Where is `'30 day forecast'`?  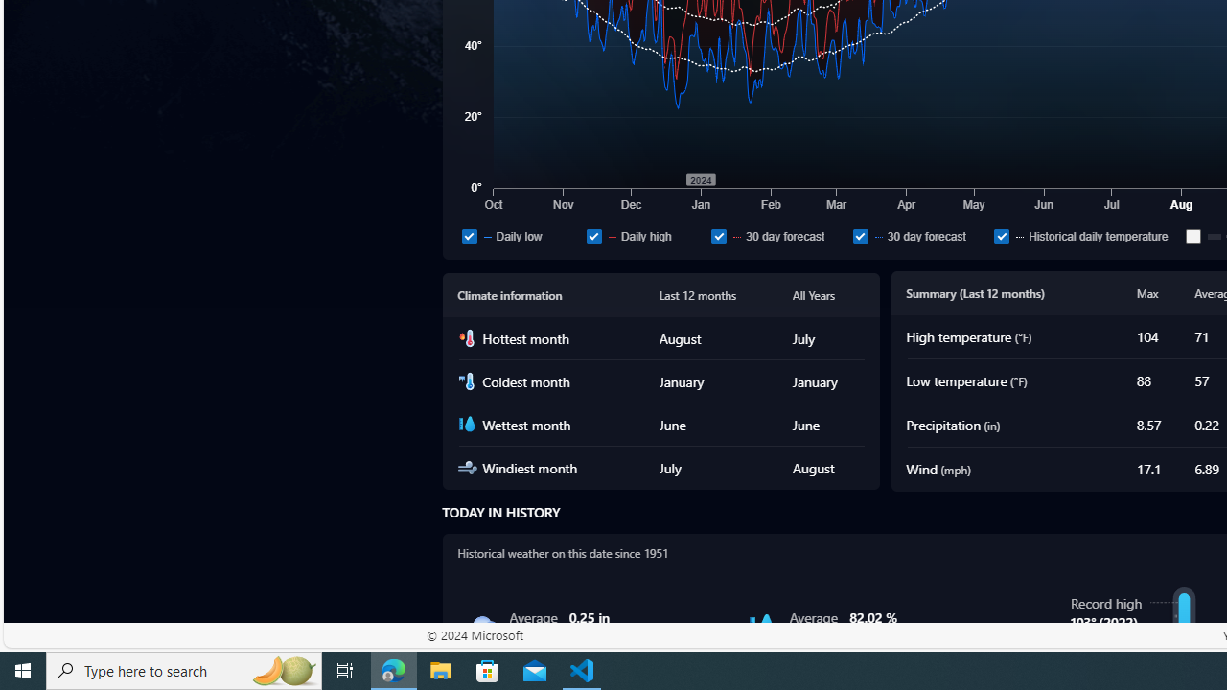
'30 day forecast' is located at coordinates (859, 235).